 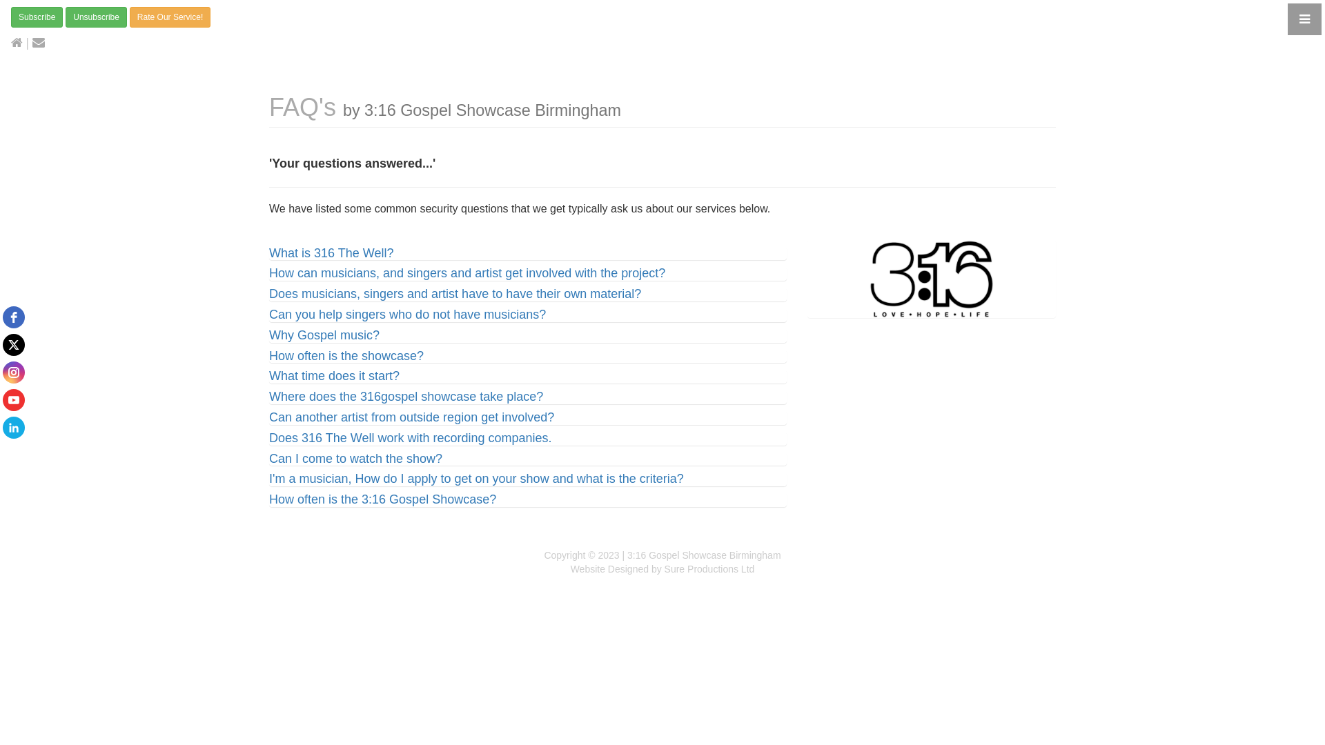 What do you see at coordinates (807, 279) in the screenshot?
I see `'About Us | 3:16 Gospel Showcase Birmingham'` at bounding box center [807, 279].